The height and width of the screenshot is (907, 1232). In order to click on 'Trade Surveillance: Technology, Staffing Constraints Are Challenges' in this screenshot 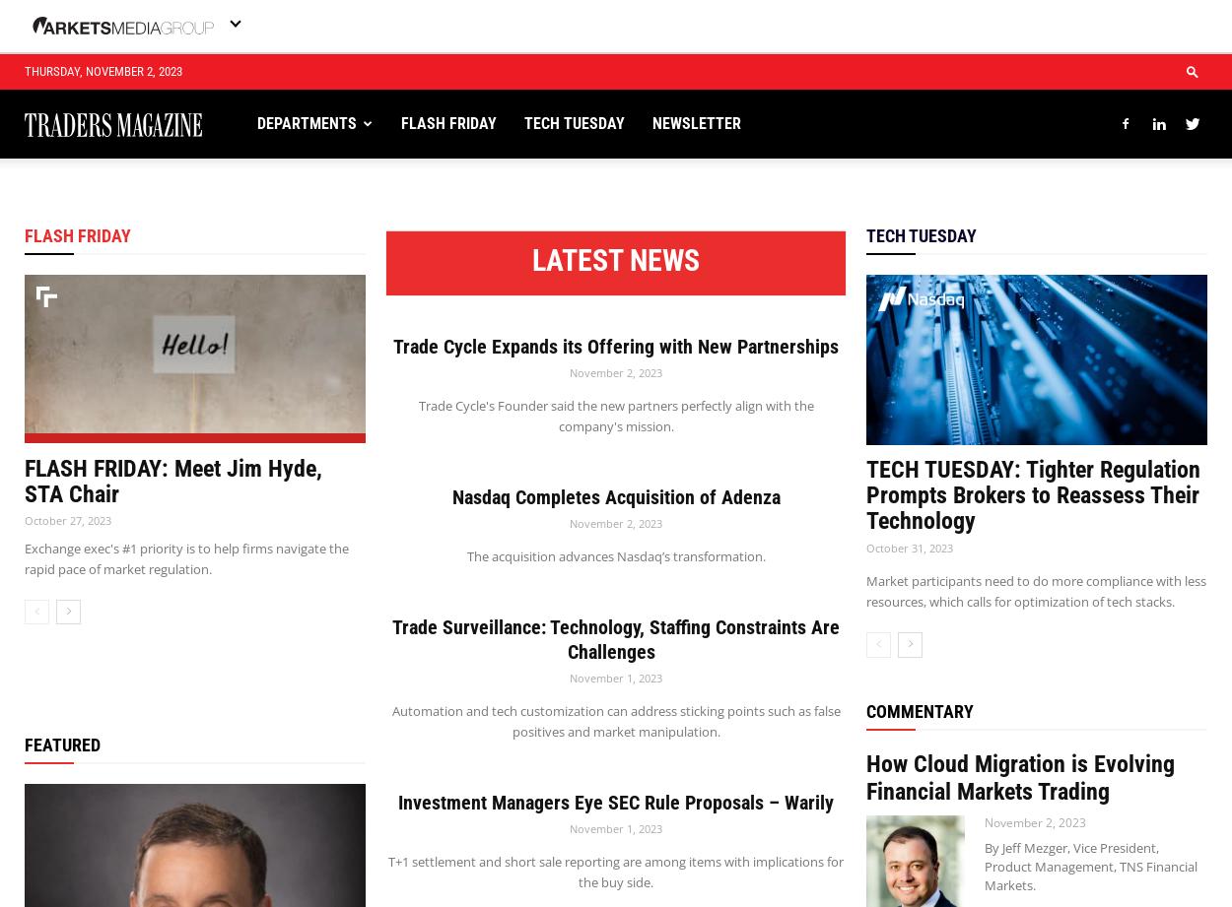, I will do `click(616, 638)`.